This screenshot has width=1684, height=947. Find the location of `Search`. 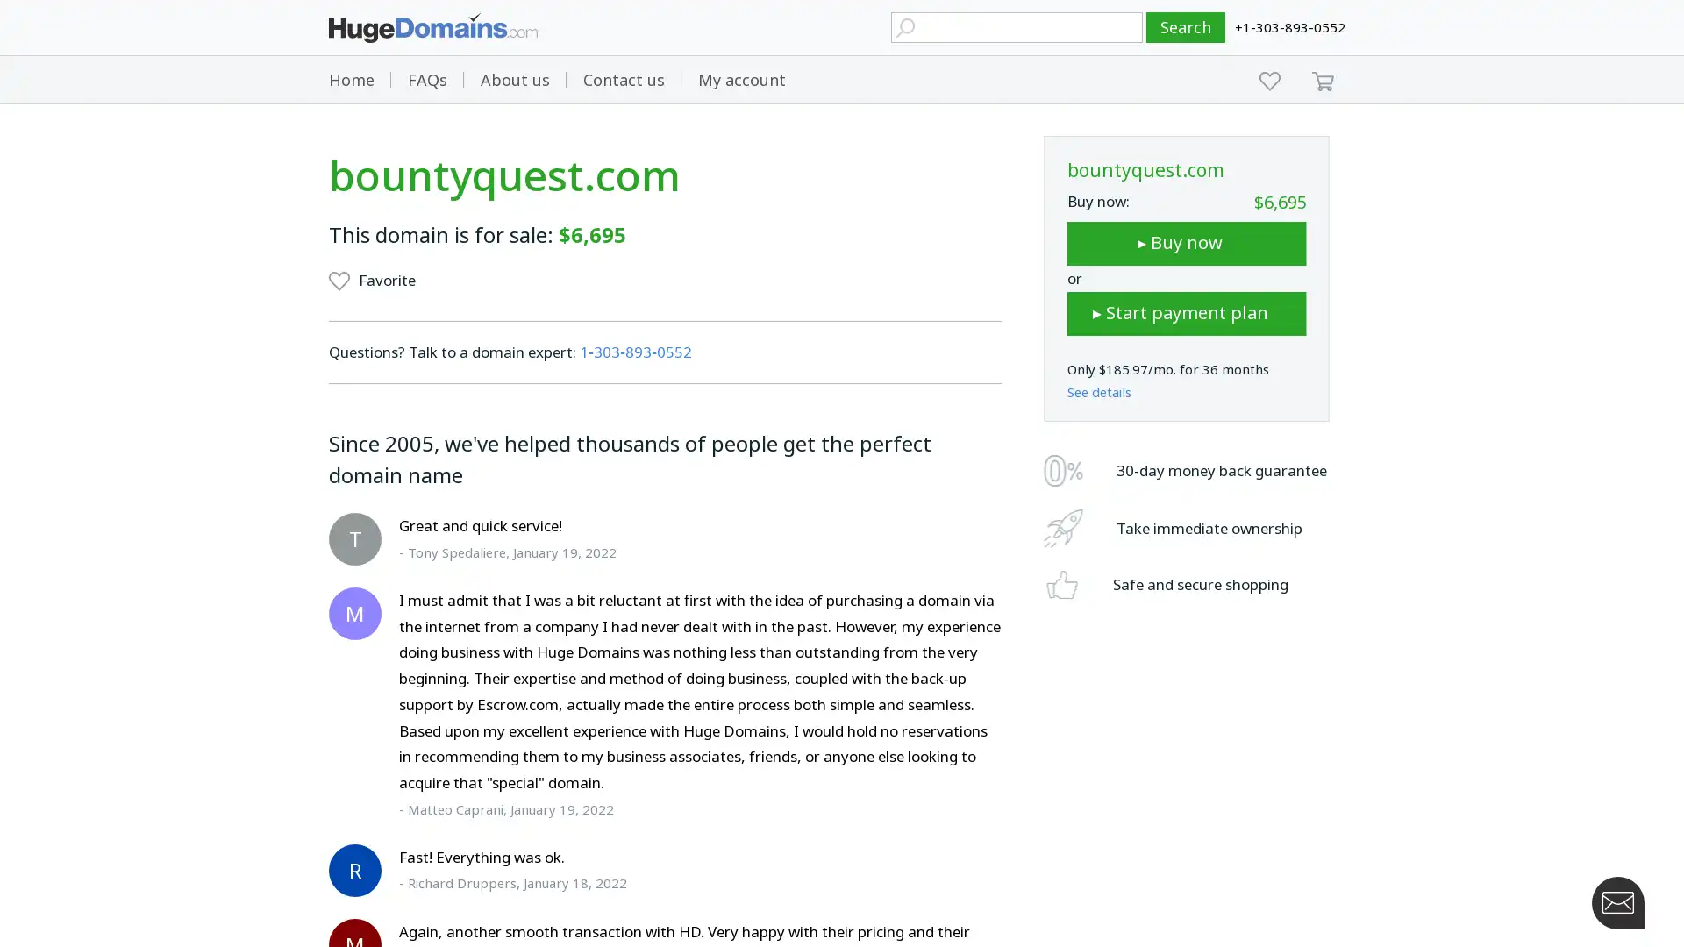

Search is located at coordinates (1186, 27).